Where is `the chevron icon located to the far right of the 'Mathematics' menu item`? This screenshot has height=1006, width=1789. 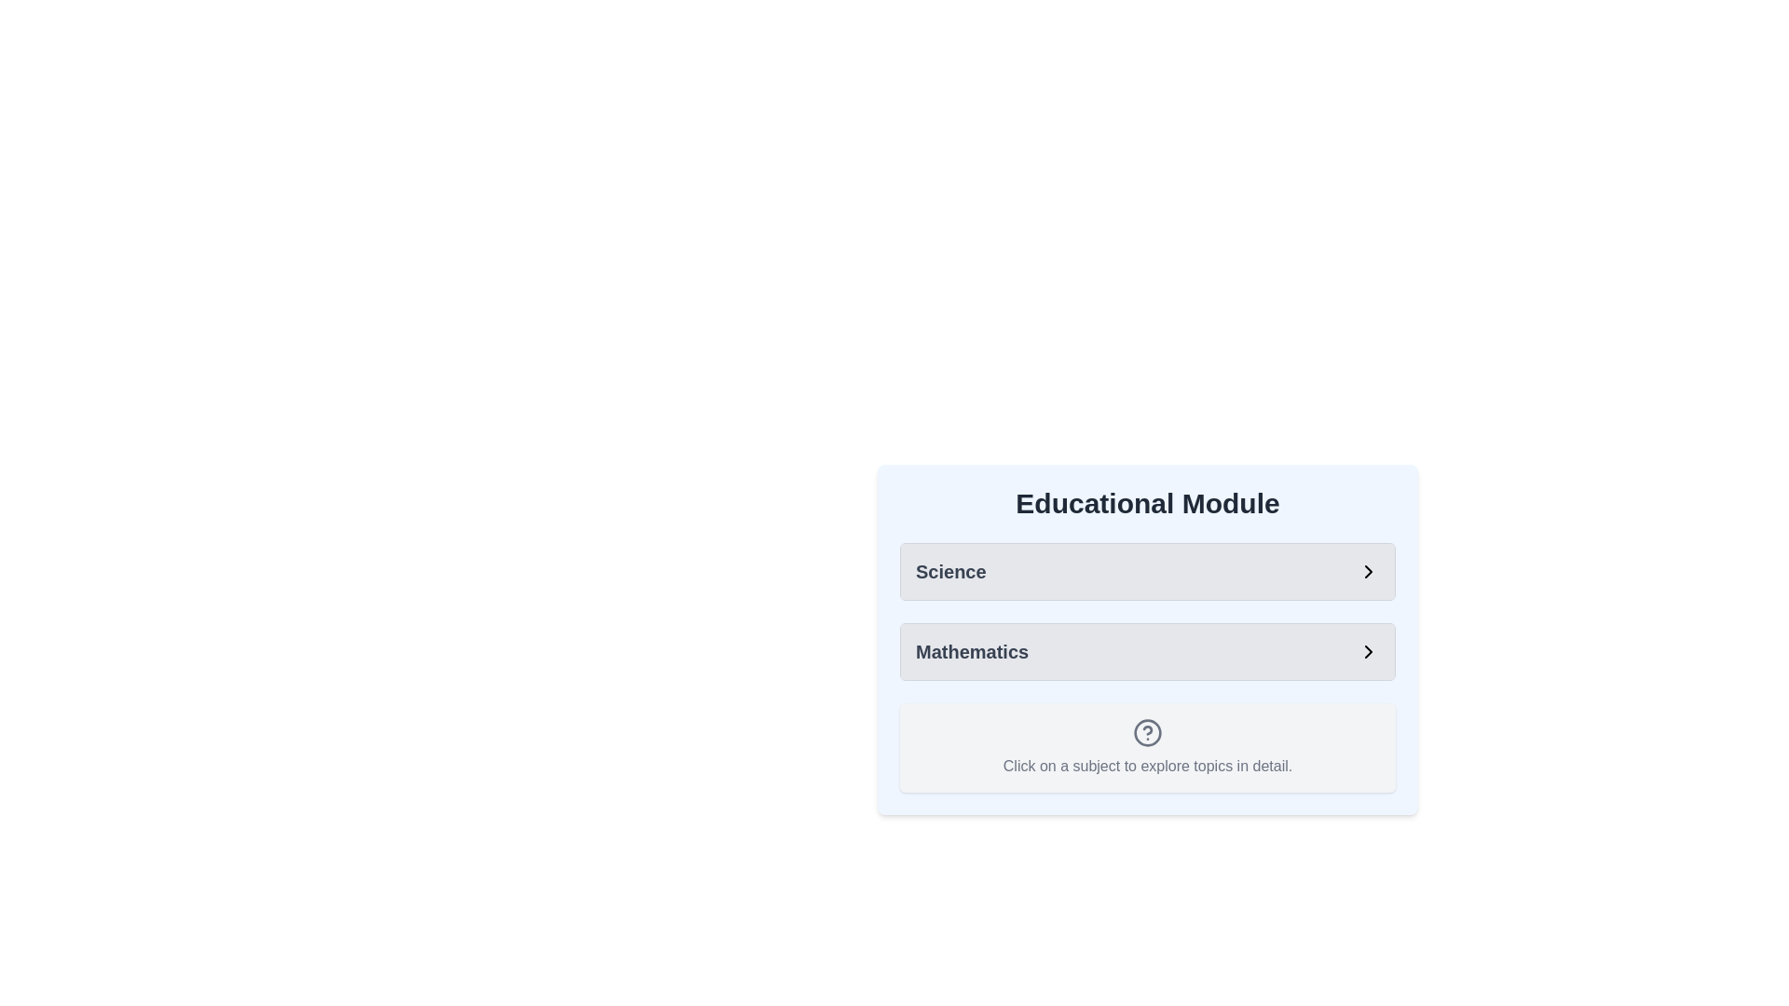 the chevron icon located to the far right of the 'Mathematics' menu item is located at coordinates (1368, 650).